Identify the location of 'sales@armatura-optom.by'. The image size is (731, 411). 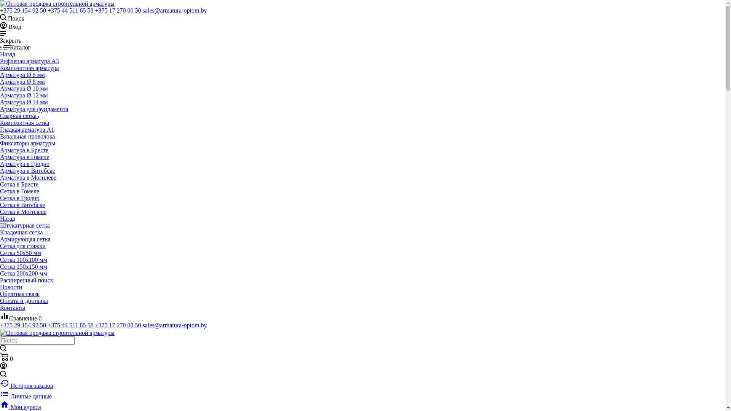
(174, 10).